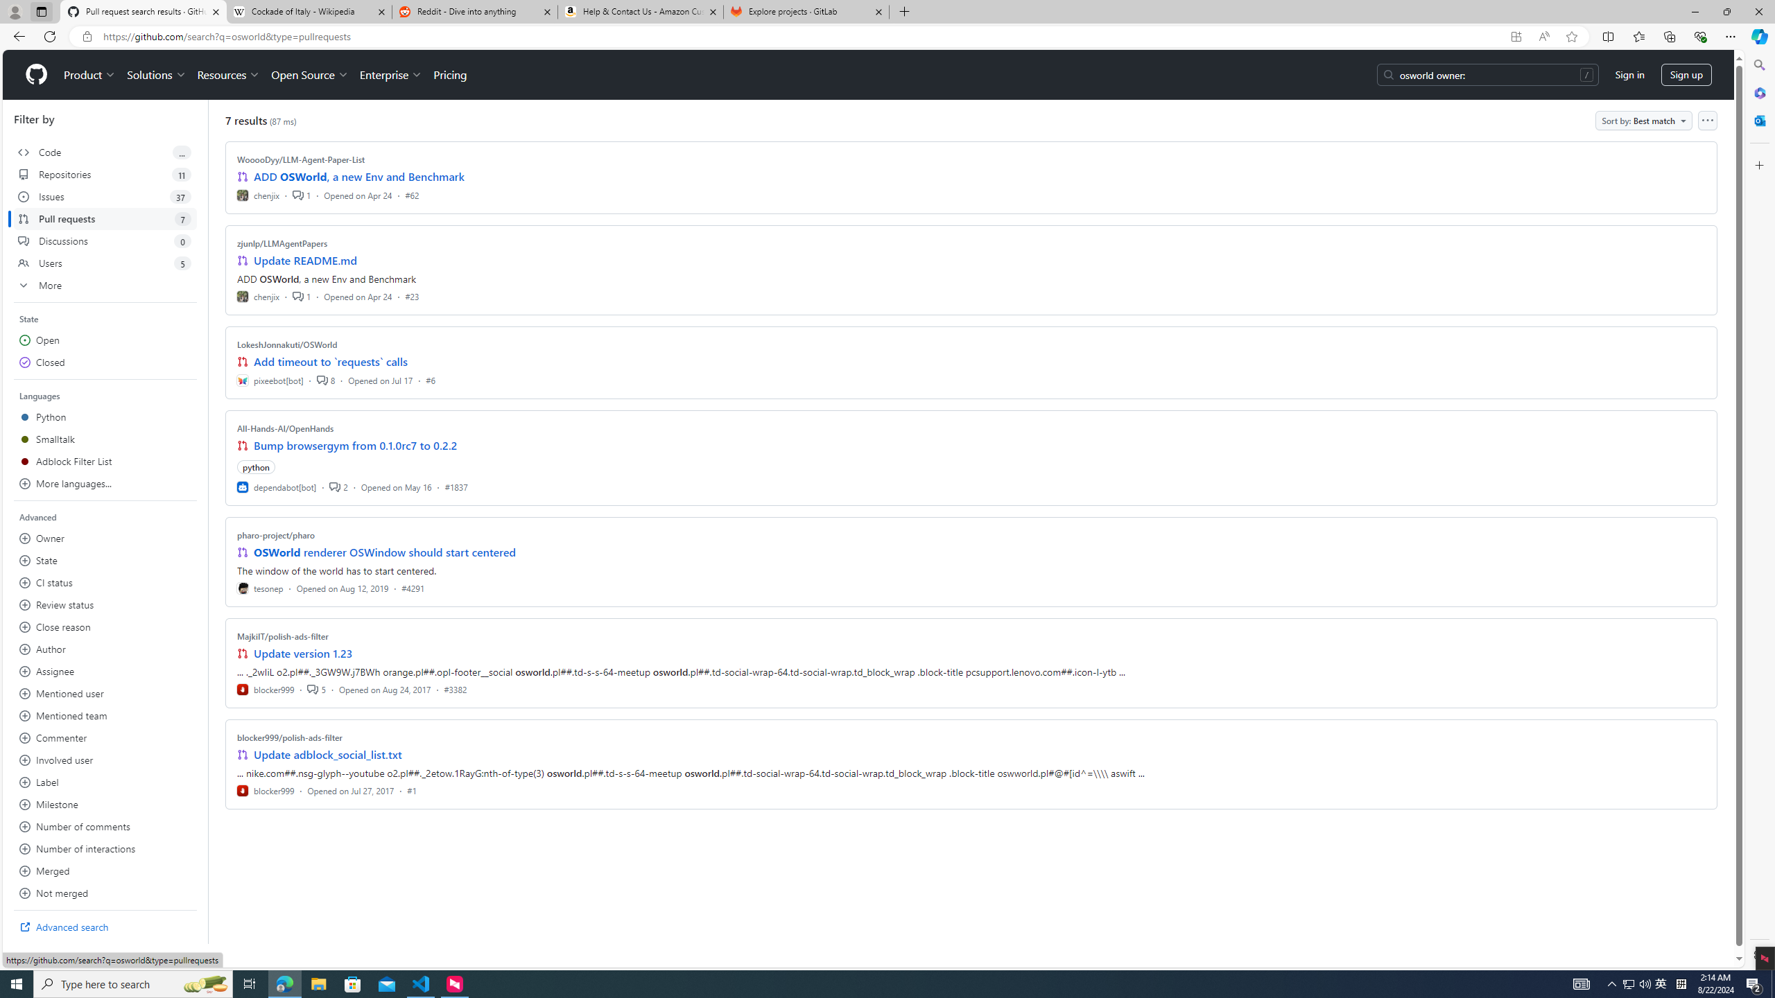 The width and height of the screenshot is (1775, 998). What do you see at coordinates (410, 790) in the screenshot?
I see `'#1'` at bounding box center [410, 790].